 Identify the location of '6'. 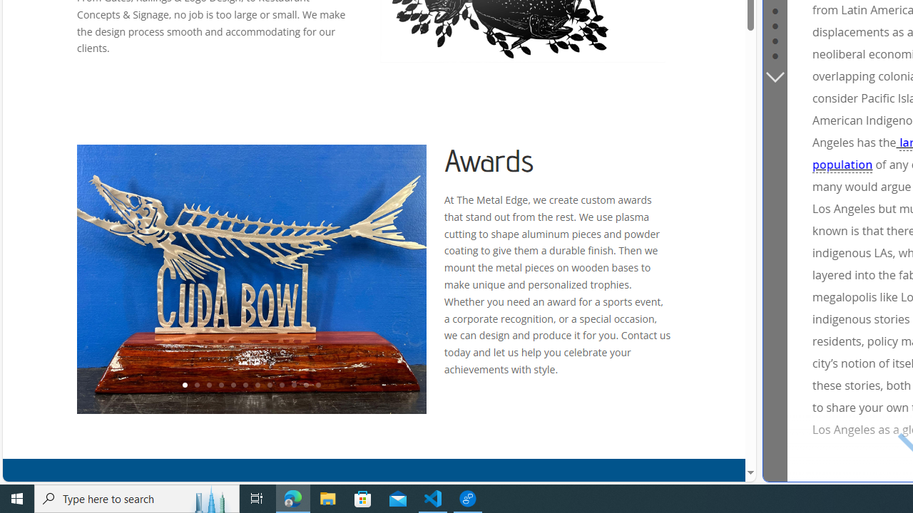
(245, 385).